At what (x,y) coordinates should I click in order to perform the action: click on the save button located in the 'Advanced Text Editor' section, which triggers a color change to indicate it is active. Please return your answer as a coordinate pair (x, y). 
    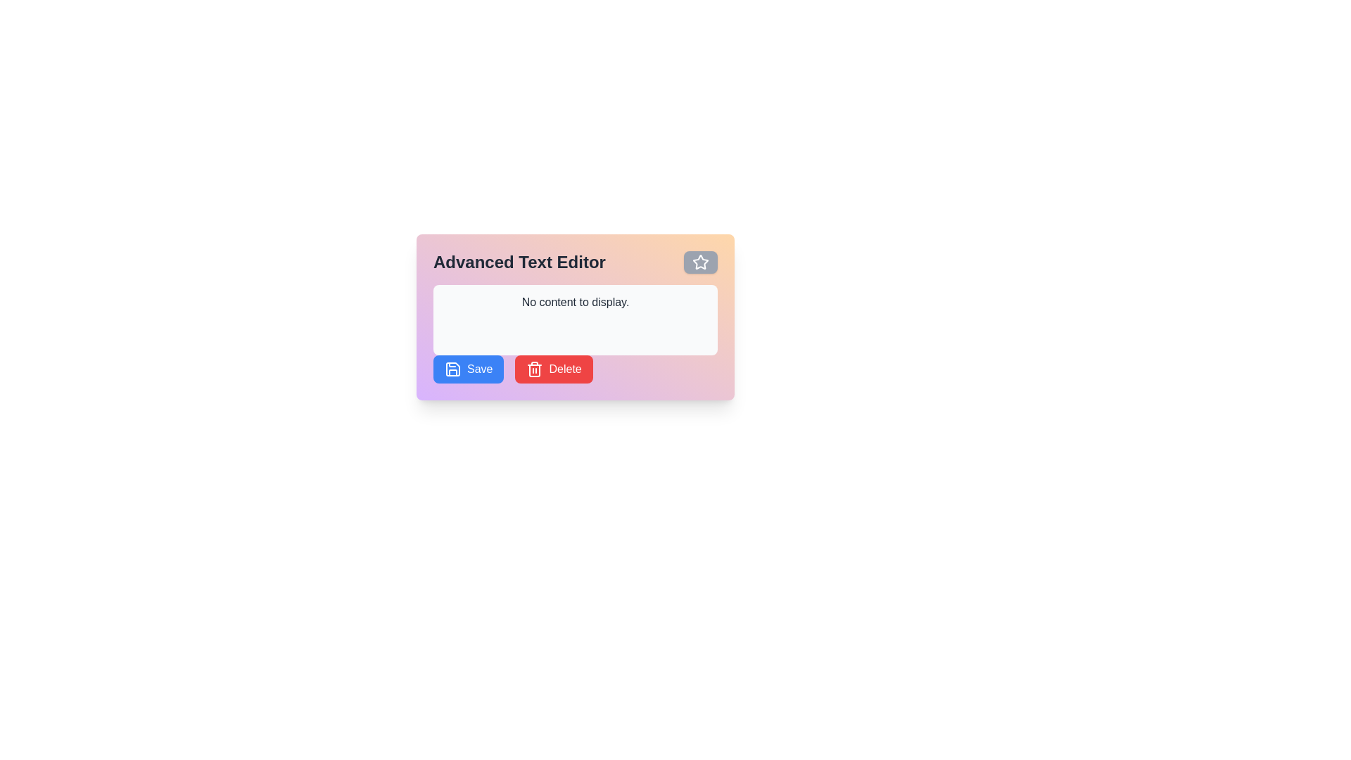
    Looking at the image, I should click on (469, 368).